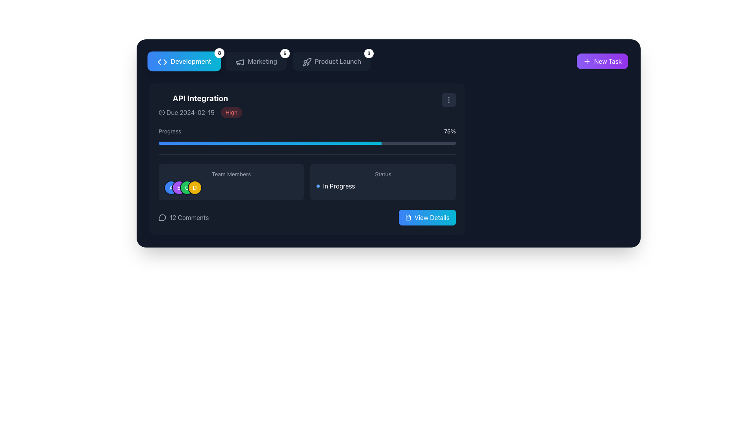 The image size is (756, 425). Describe the element at coordinates (189, 217) in the screenshot. I see `text content of the informational label indicating the number of comments associated with the task, which is the second component in a horizontal group below the 'API Integration' section, positioned to the right of a speech bubble icon` at that location.